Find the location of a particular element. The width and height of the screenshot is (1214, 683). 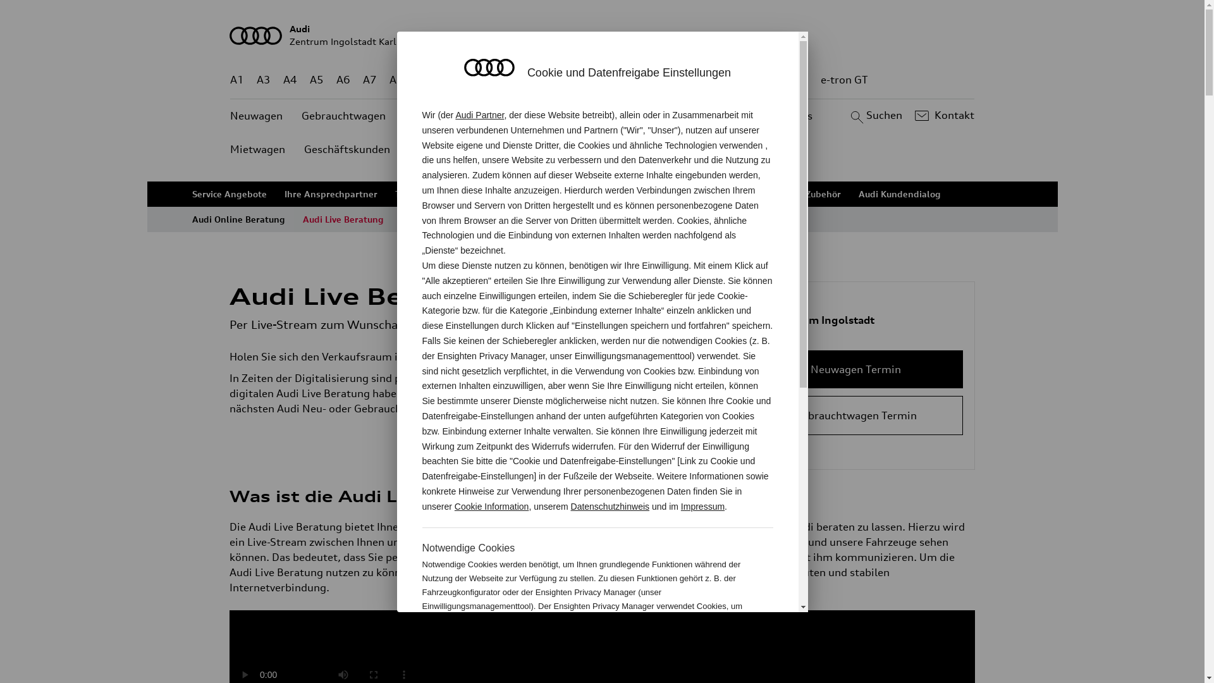

'Mietwagen' is located at coordinates (257, 149).